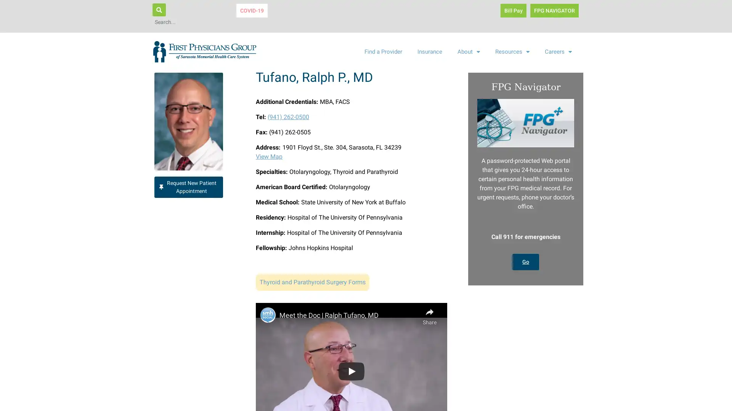  Describe the element at coordinates (513, 10) in the screenshot. I see `Bill Pay` at that location.